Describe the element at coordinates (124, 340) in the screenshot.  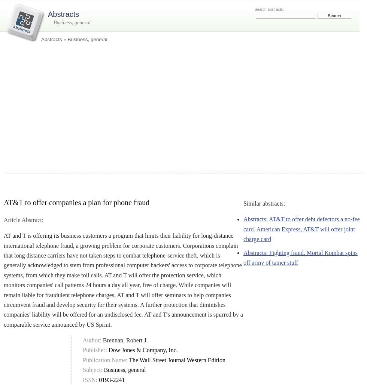
I see `'Brennan, Robert J.'` at that location.